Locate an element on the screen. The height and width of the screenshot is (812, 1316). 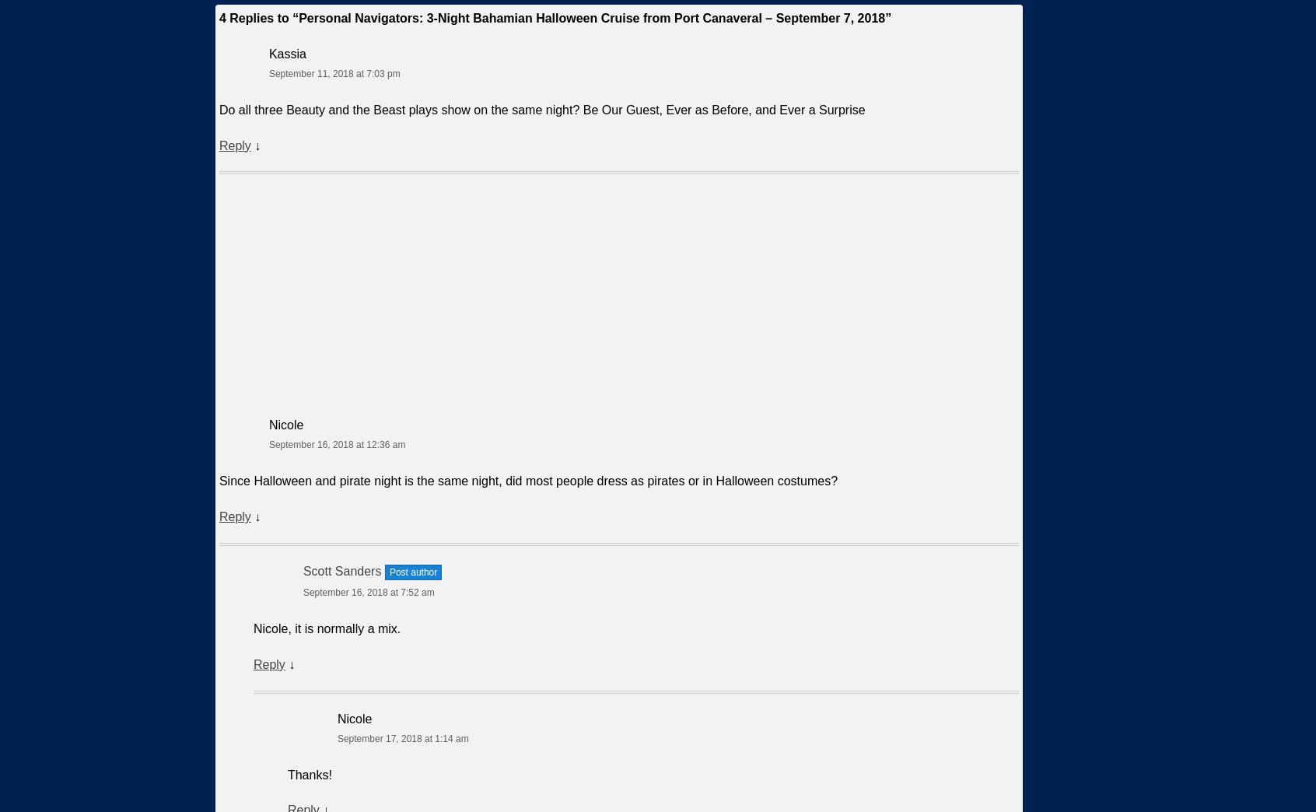
'Since Halloween and pirate night is the same night, did most people dress as pirates or in Halloween costumes?' is located at coordinates (527, 481).